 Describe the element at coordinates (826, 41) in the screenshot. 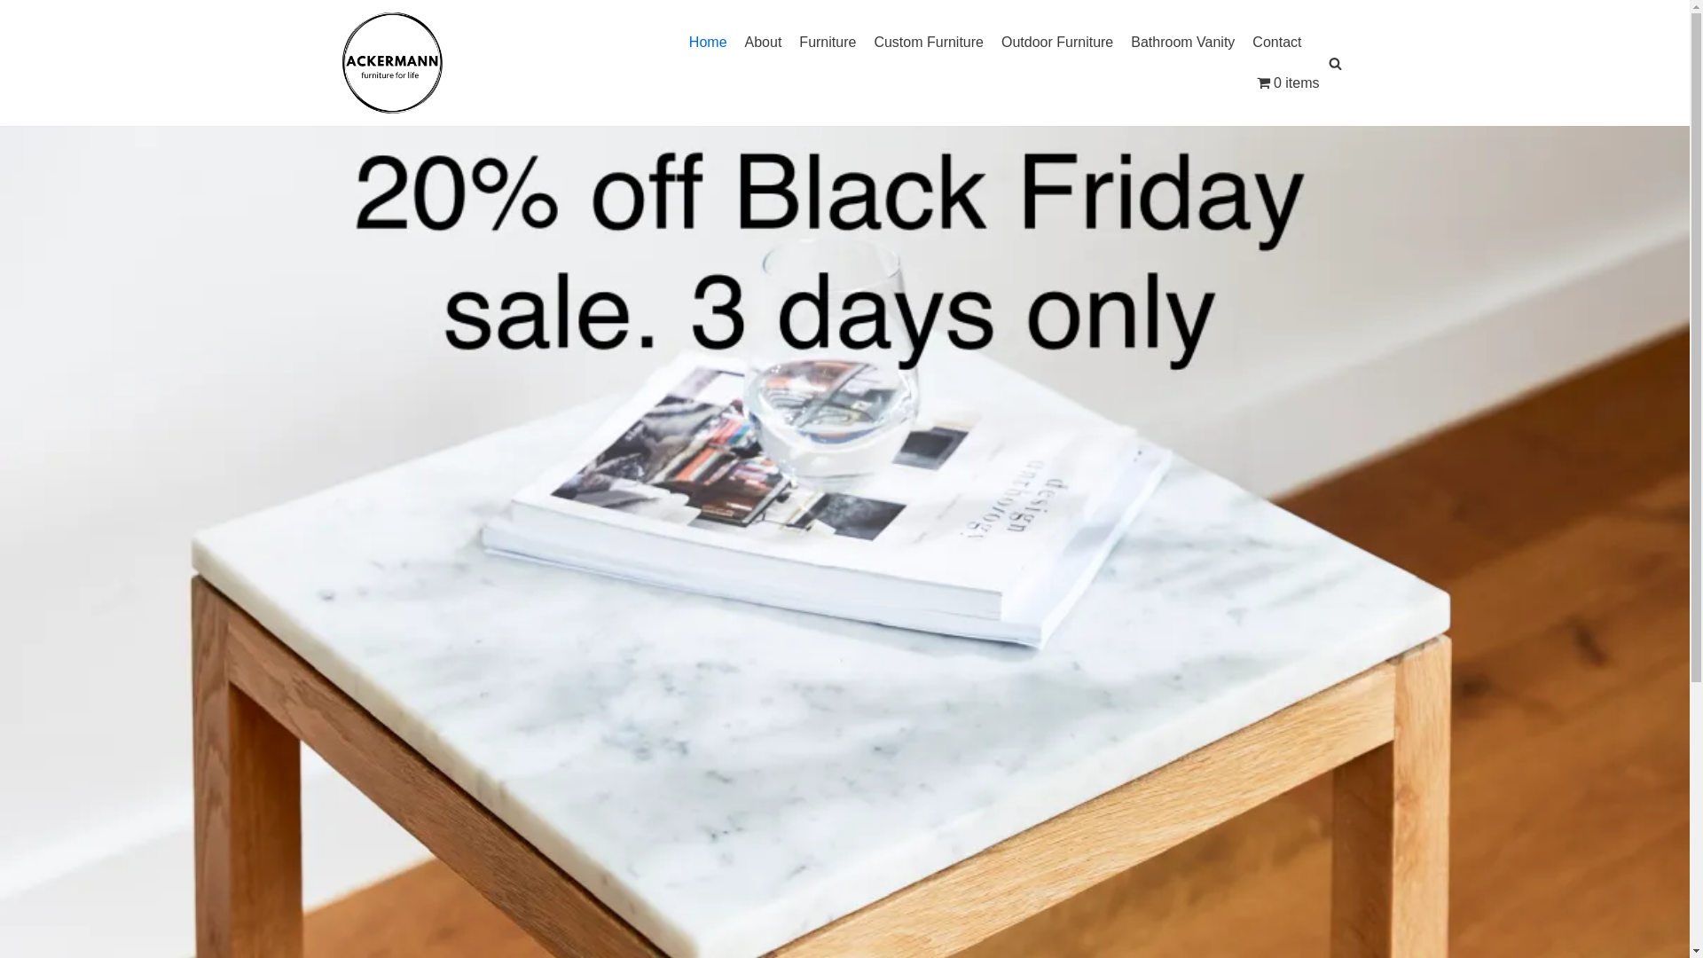

I see `'Furniture'` at that location.